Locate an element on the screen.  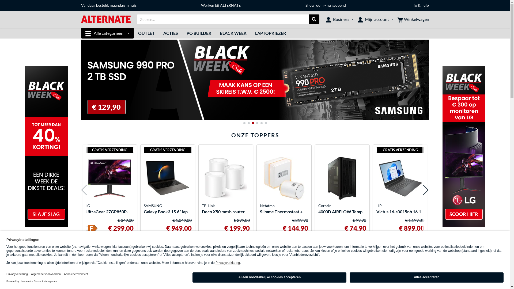
'Zoeken...' is located at coordinates (314, 19).